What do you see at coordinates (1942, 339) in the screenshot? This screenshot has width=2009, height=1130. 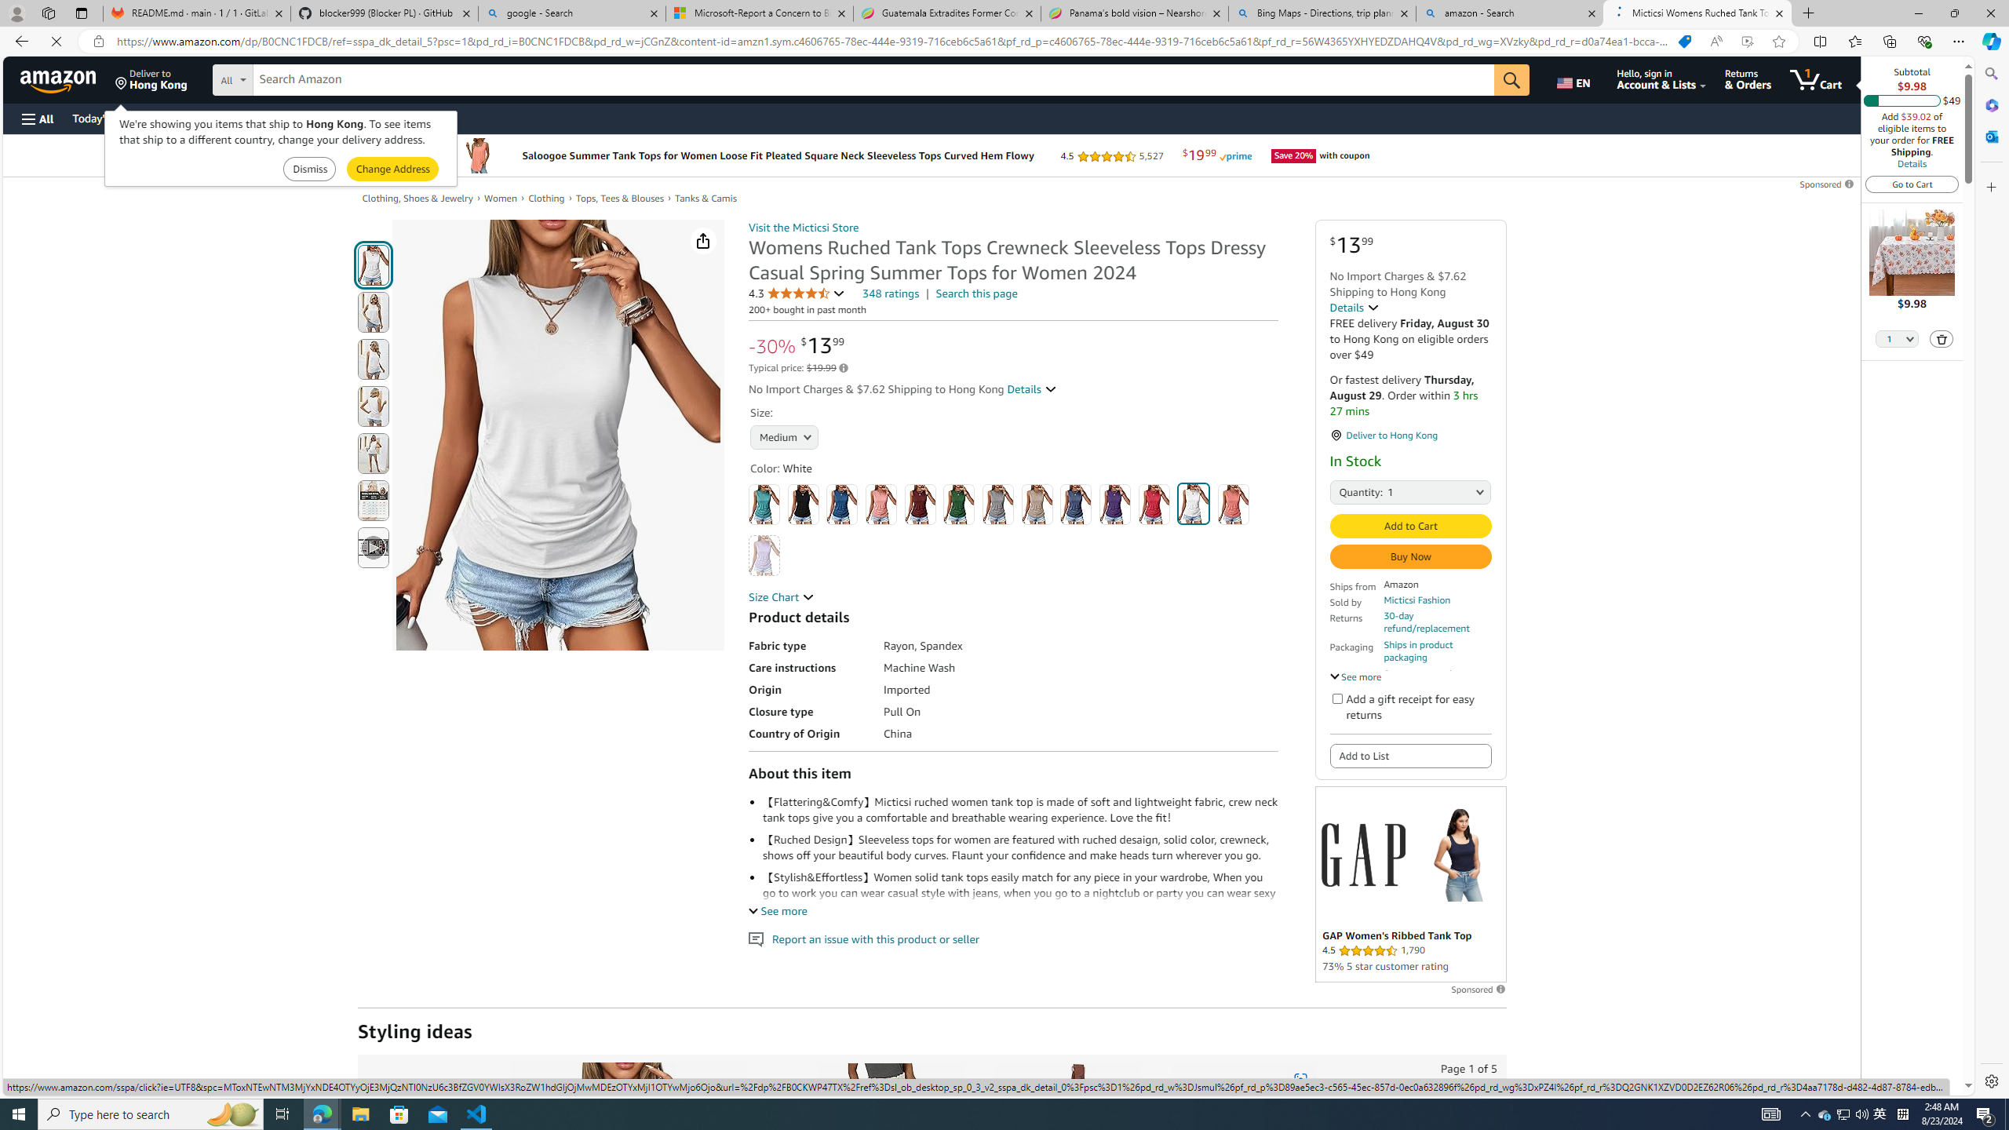 I see `'Delete'` at bounding box center [1942, 339].